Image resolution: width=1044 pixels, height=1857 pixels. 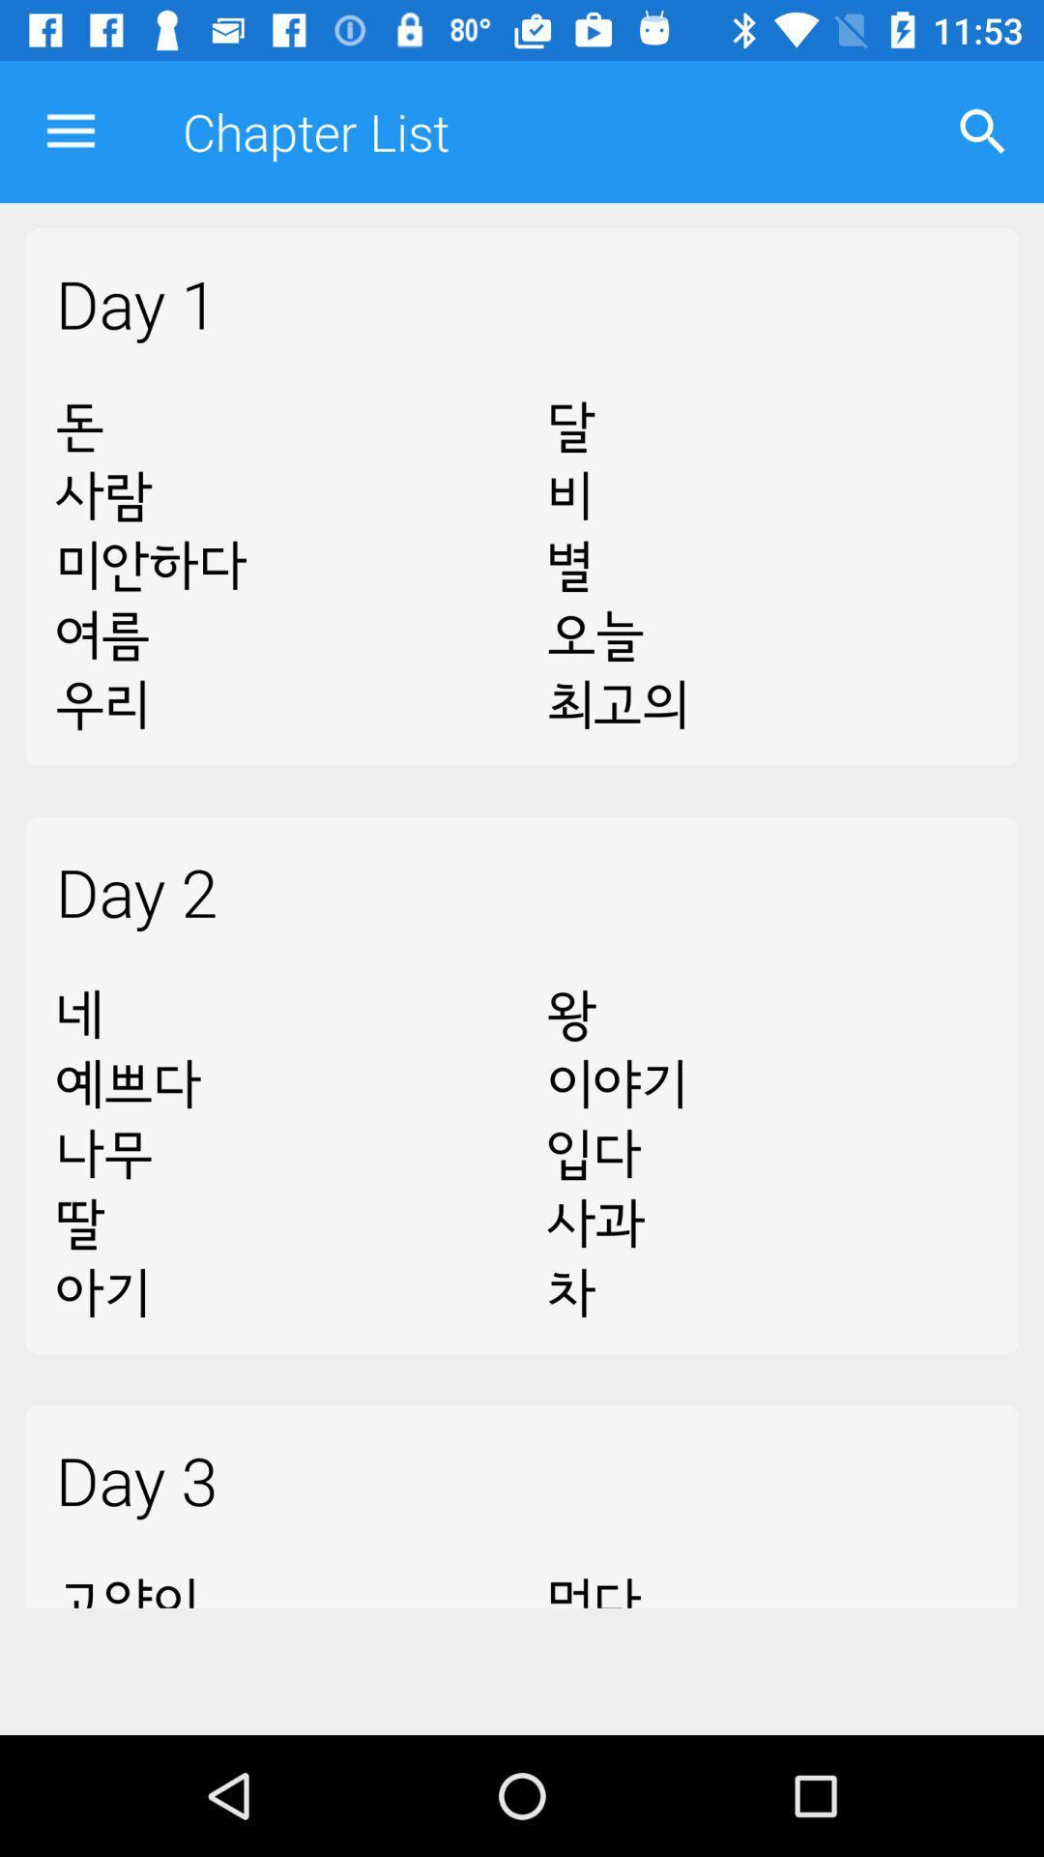 What do you see at coordinates (767, 1578) in the screenshot?
I see `the icon below day 3` at bounding box center [767, 1578].